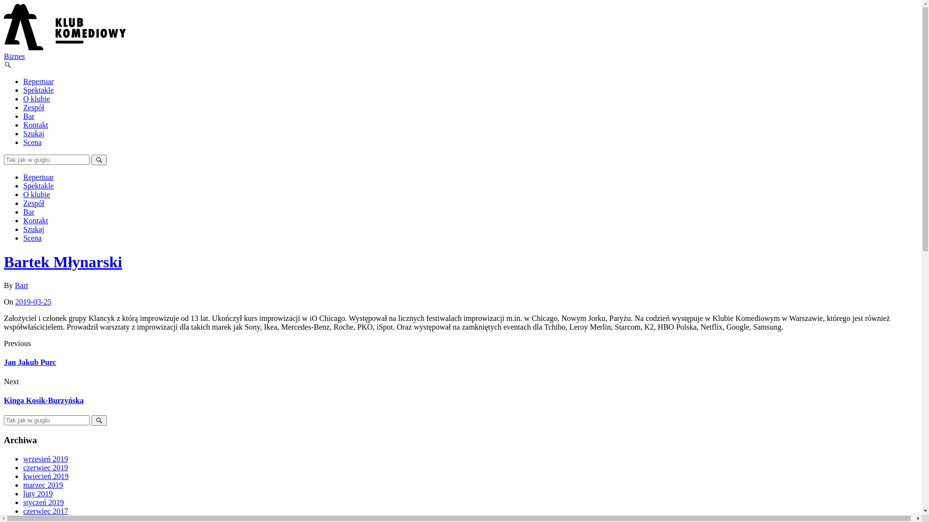 The width and height of the screenshot is (929, 522). Describe the element at coordinates (32, 142) in the screenshot. I see `'Scena'` at that location.